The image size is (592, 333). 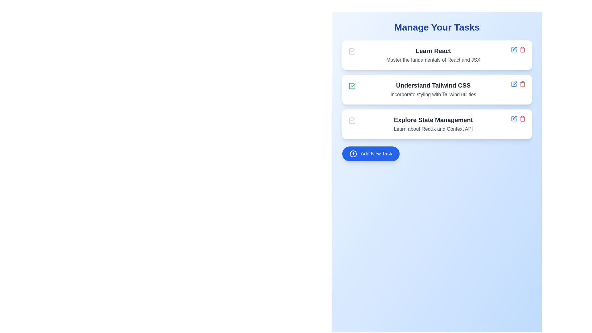 What do you see at coordinates (433, 60) in the screenshot?
I see `the descriptive text located below the 'Learn React' heading in the topmost card of the vertical stack` at bounding box center [433, 60].